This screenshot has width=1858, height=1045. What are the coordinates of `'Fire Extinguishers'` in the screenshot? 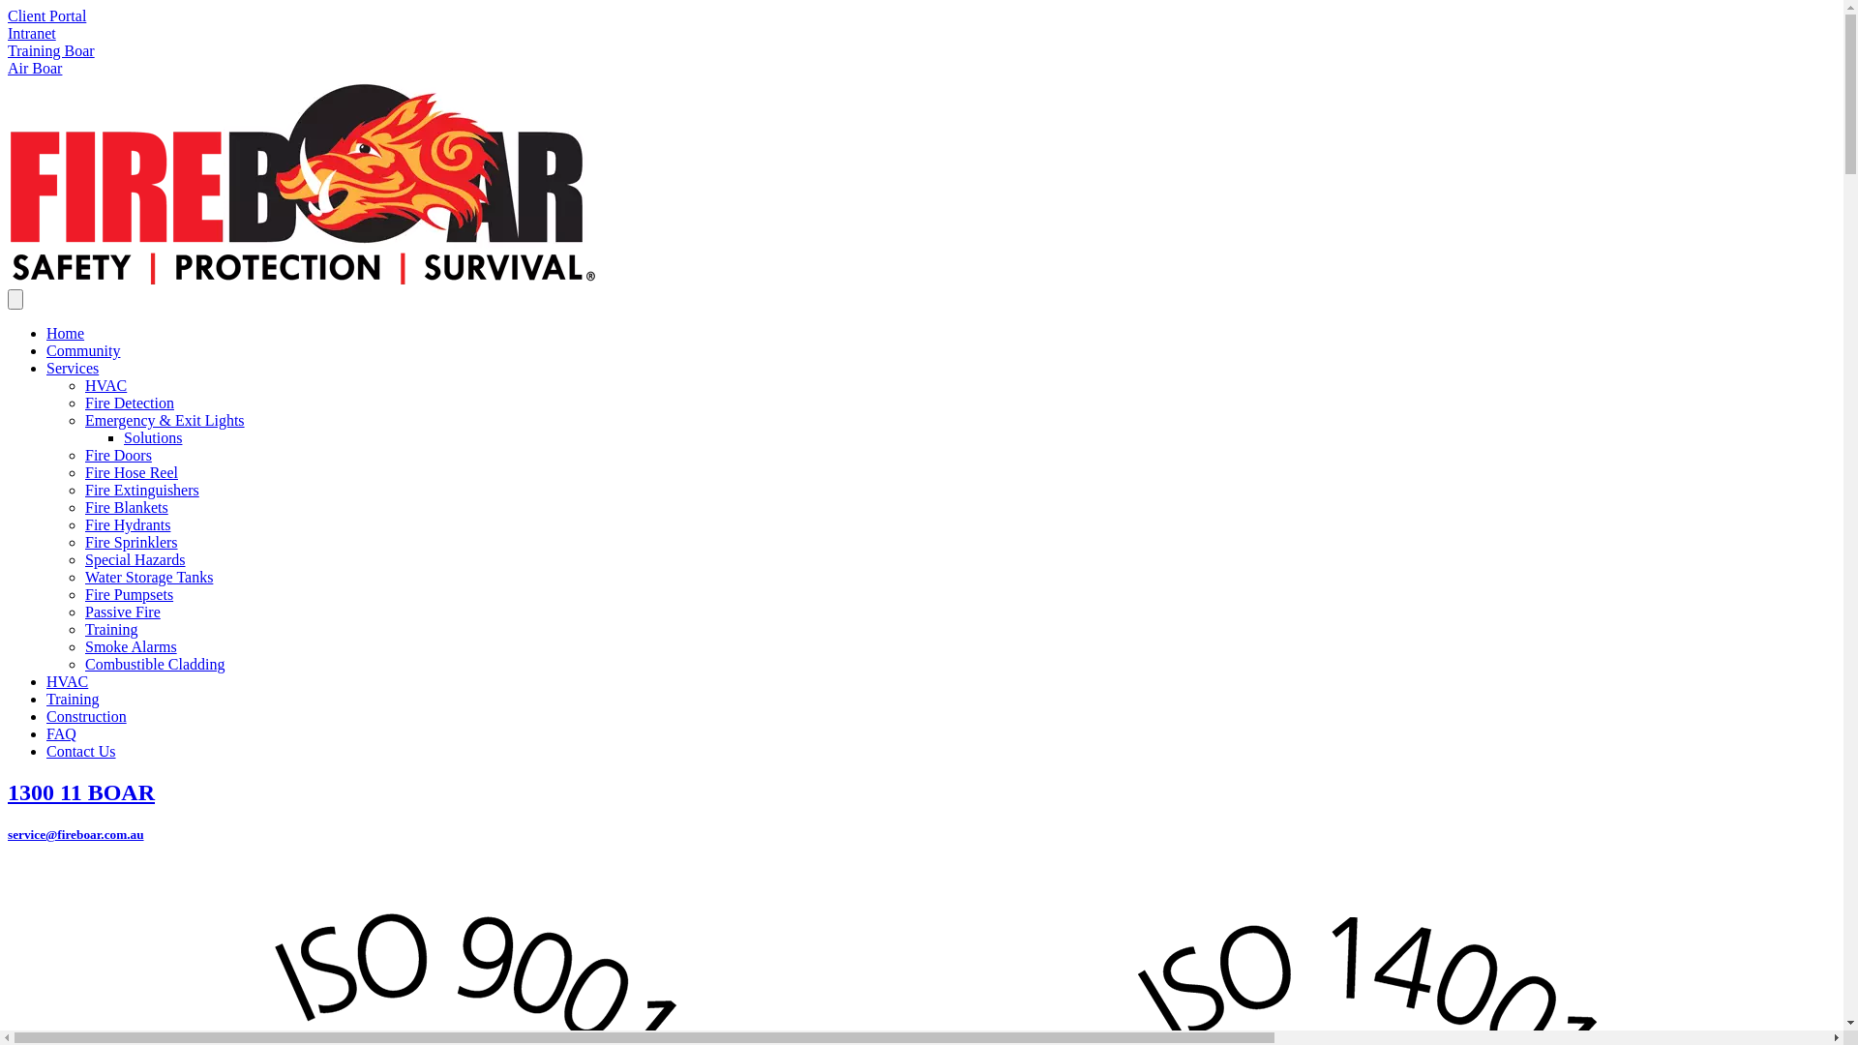 It's located at (83, 489).